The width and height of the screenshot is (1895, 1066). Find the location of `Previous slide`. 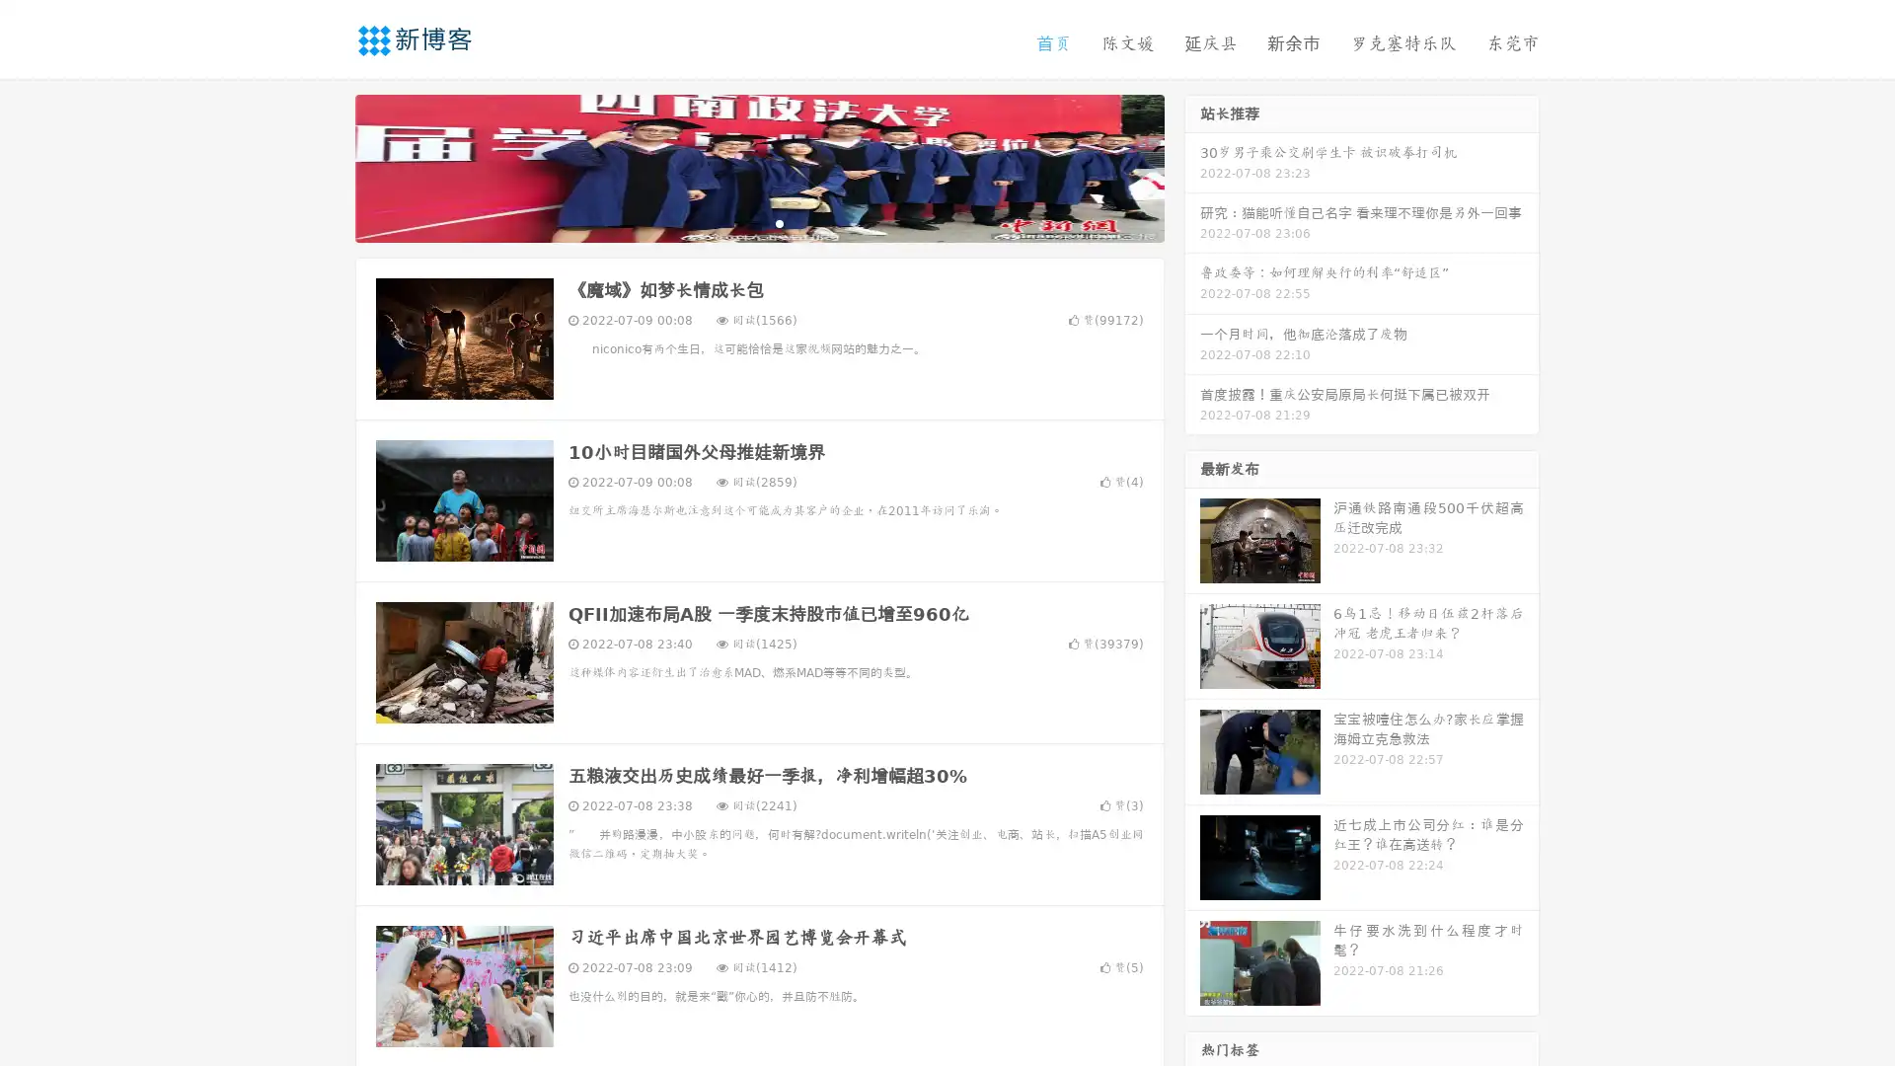

Previous slide is located at coordinates (326, 166).